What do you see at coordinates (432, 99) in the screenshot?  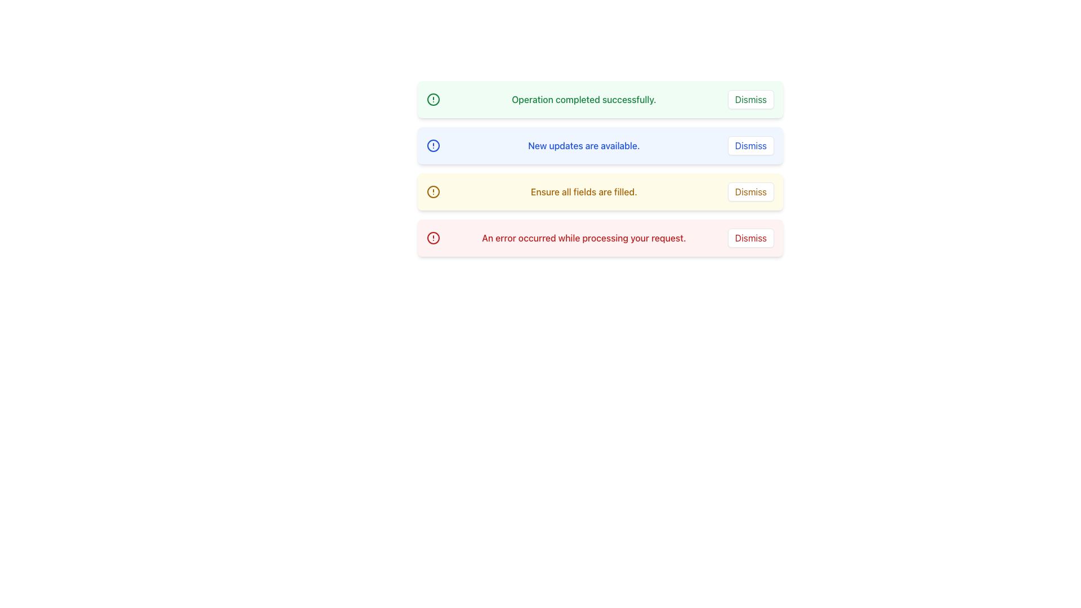 I see `the success status icon located at the leftmost part of the first notification message that indicates 'Operation completed successfully.'` at bounding box center [432, 99].